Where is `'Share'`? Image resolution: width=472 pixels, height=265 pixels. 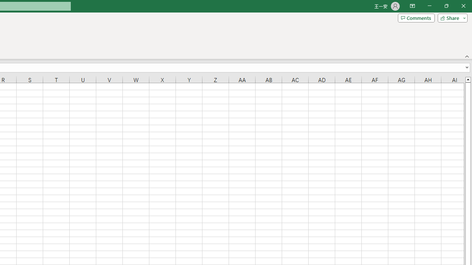
'Share' is located at coordinates (451, 17).